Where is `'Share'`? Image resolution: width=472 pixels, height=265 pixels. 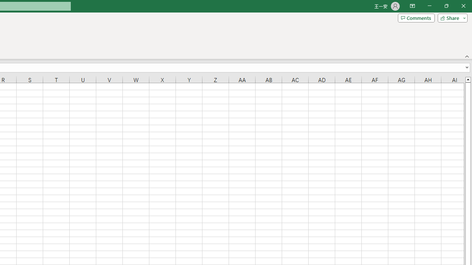
'Share' is located at coordinates (451, 17).